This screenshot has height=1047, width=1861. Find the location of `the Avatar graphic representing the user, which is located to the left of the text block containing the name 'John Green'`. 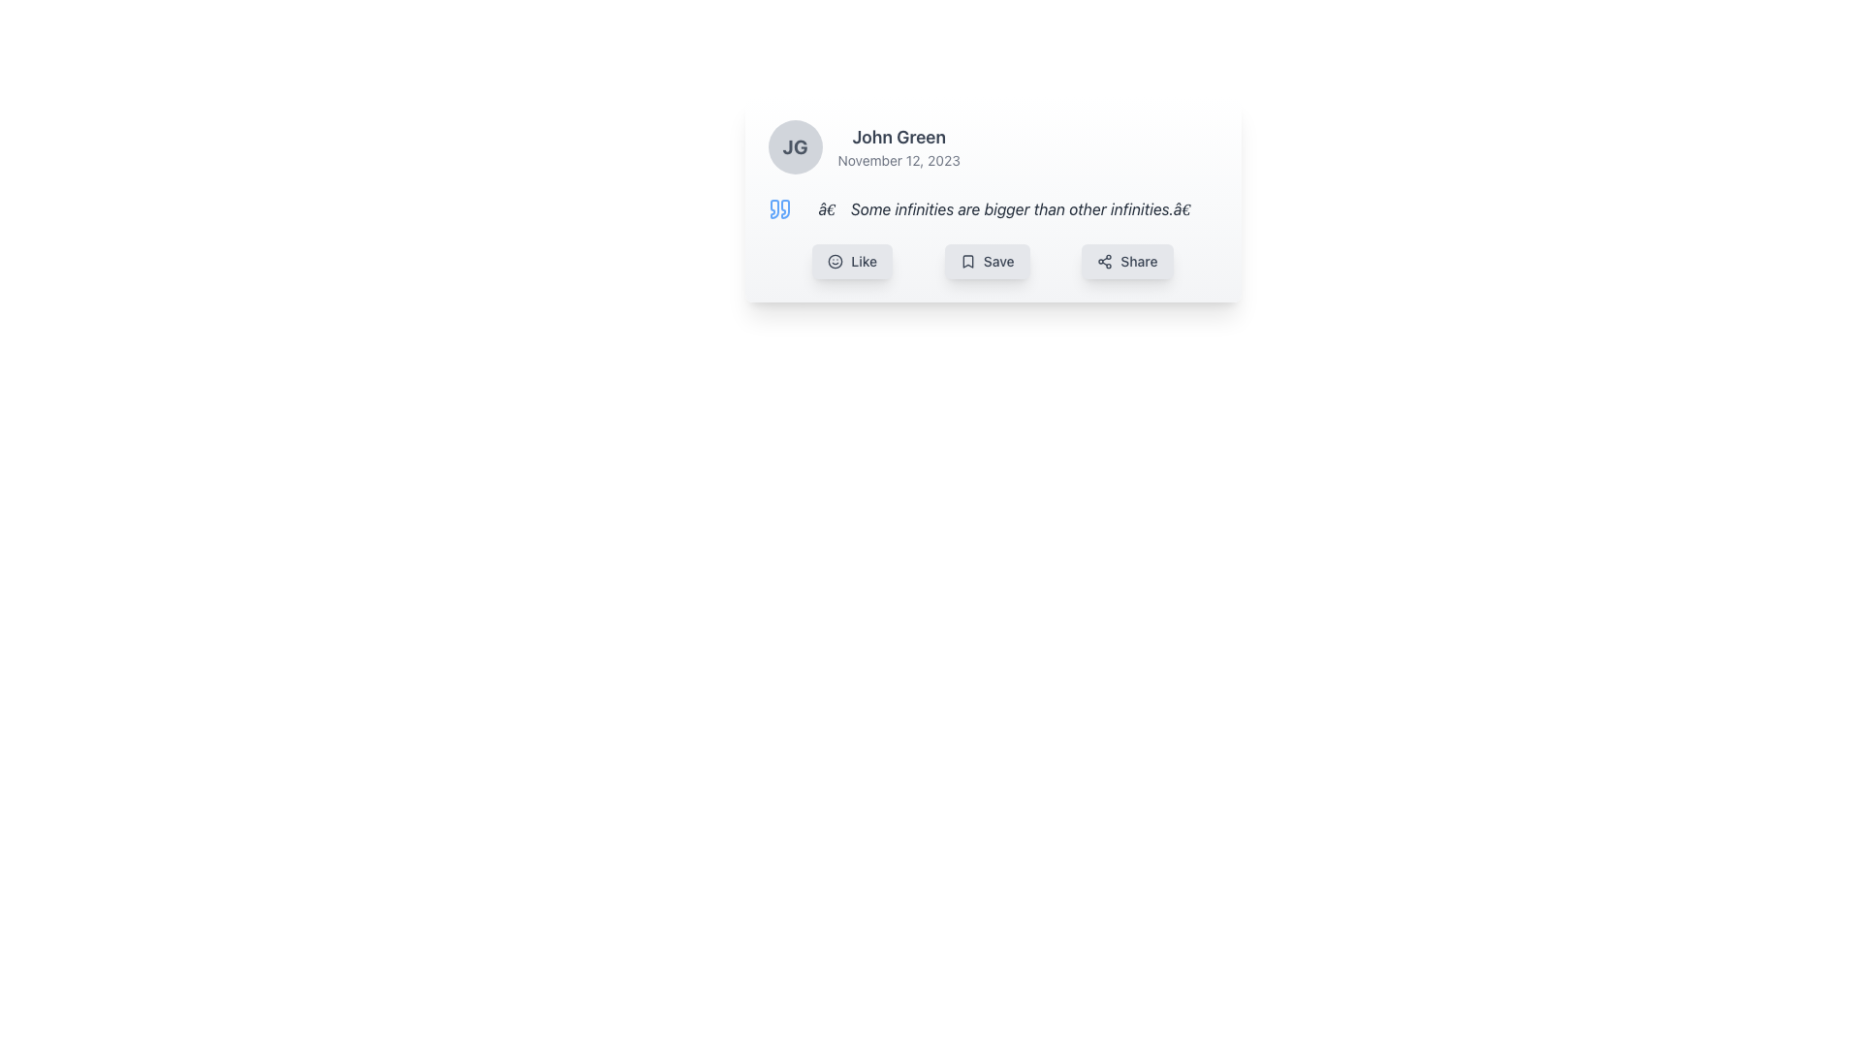

the Avatar graphic representing the user, which is located to the left of the text block containing the name 'John Green' is located at coordinates (795, 145).